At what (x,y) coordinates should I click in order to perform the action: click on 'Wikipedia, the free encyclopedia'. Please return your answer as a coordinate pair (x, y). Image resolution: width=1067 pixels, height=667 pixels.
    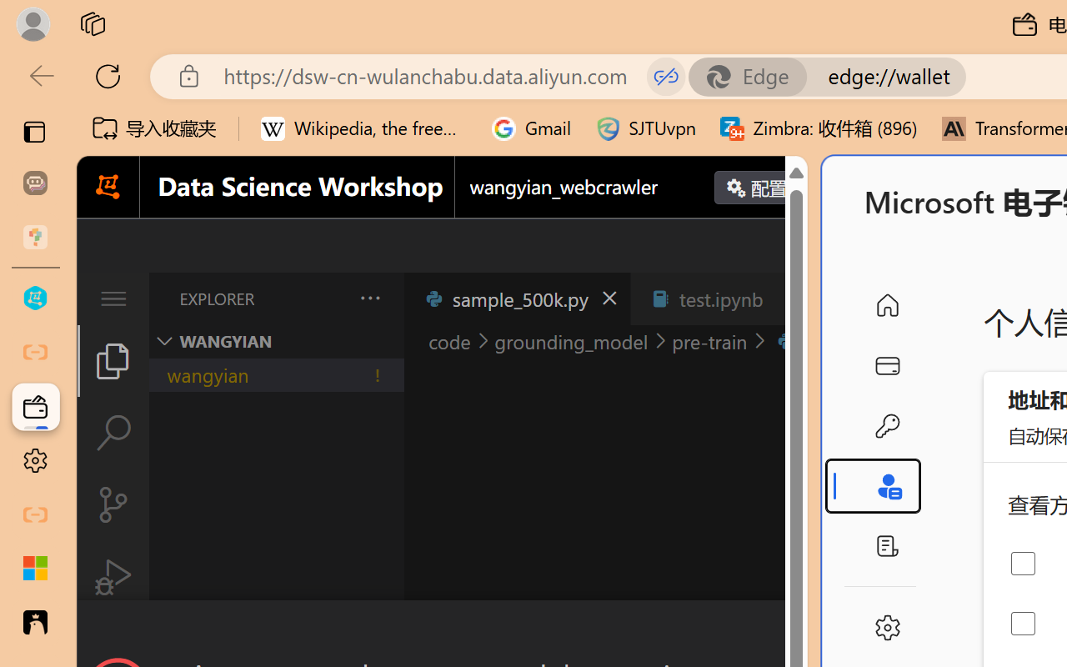
    Looking at the image, I should click on (363, 128).